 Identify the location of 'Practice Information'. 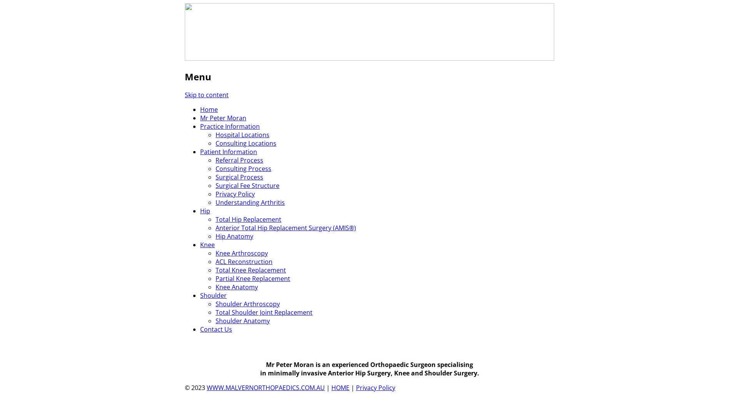
(229, 126).